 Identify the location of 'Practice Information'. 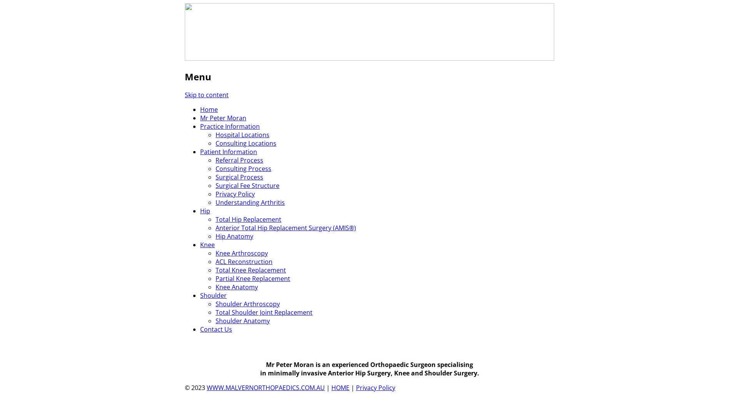
(229, 126).